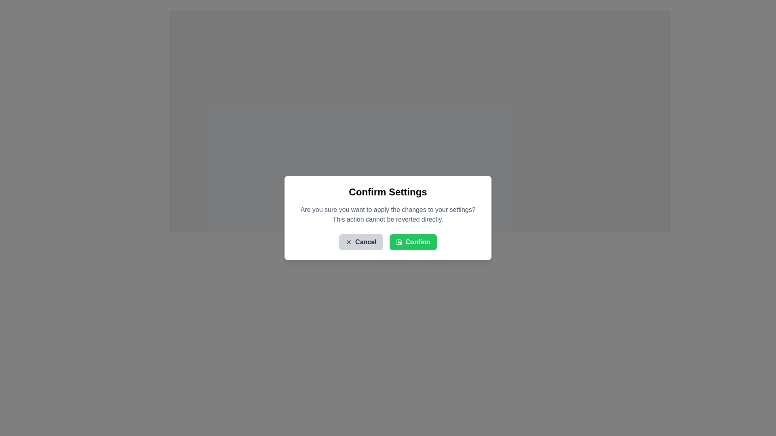 This screenshot has height=436, width=776. Describe the element at coordinates (413, 242) in the screenshot. I see `the confirmation button located on the right side of the grey 'Cancel' button to observe the hover effect` at that location.